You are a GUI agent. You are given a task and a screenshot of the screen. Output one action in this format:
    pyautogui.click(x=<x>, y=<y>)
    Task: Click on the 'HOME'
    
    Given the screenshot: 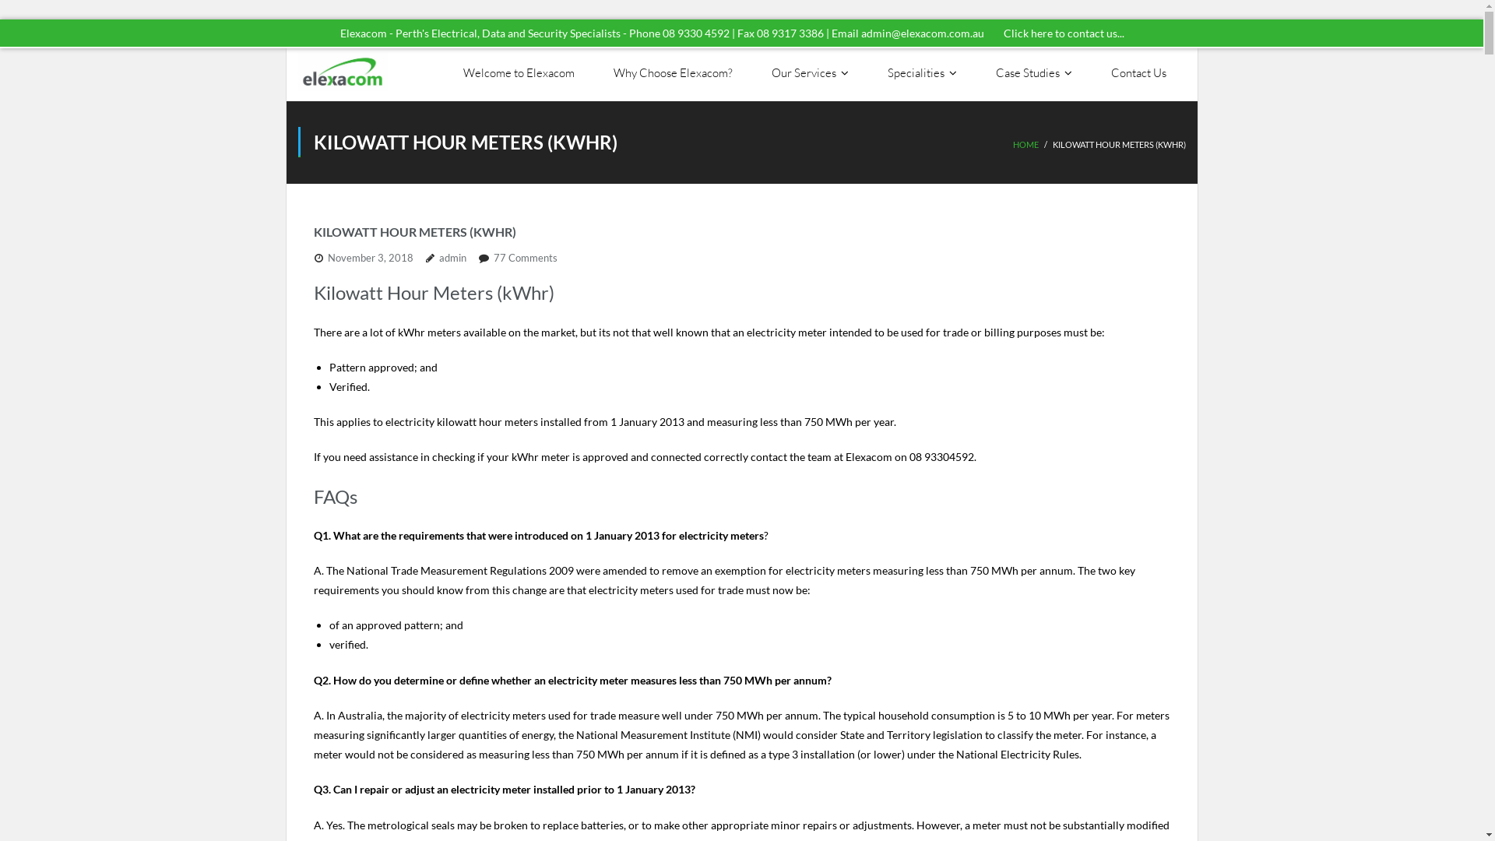 What is the action you would take?
    pyautogui.click(x=1025, y=144)
    